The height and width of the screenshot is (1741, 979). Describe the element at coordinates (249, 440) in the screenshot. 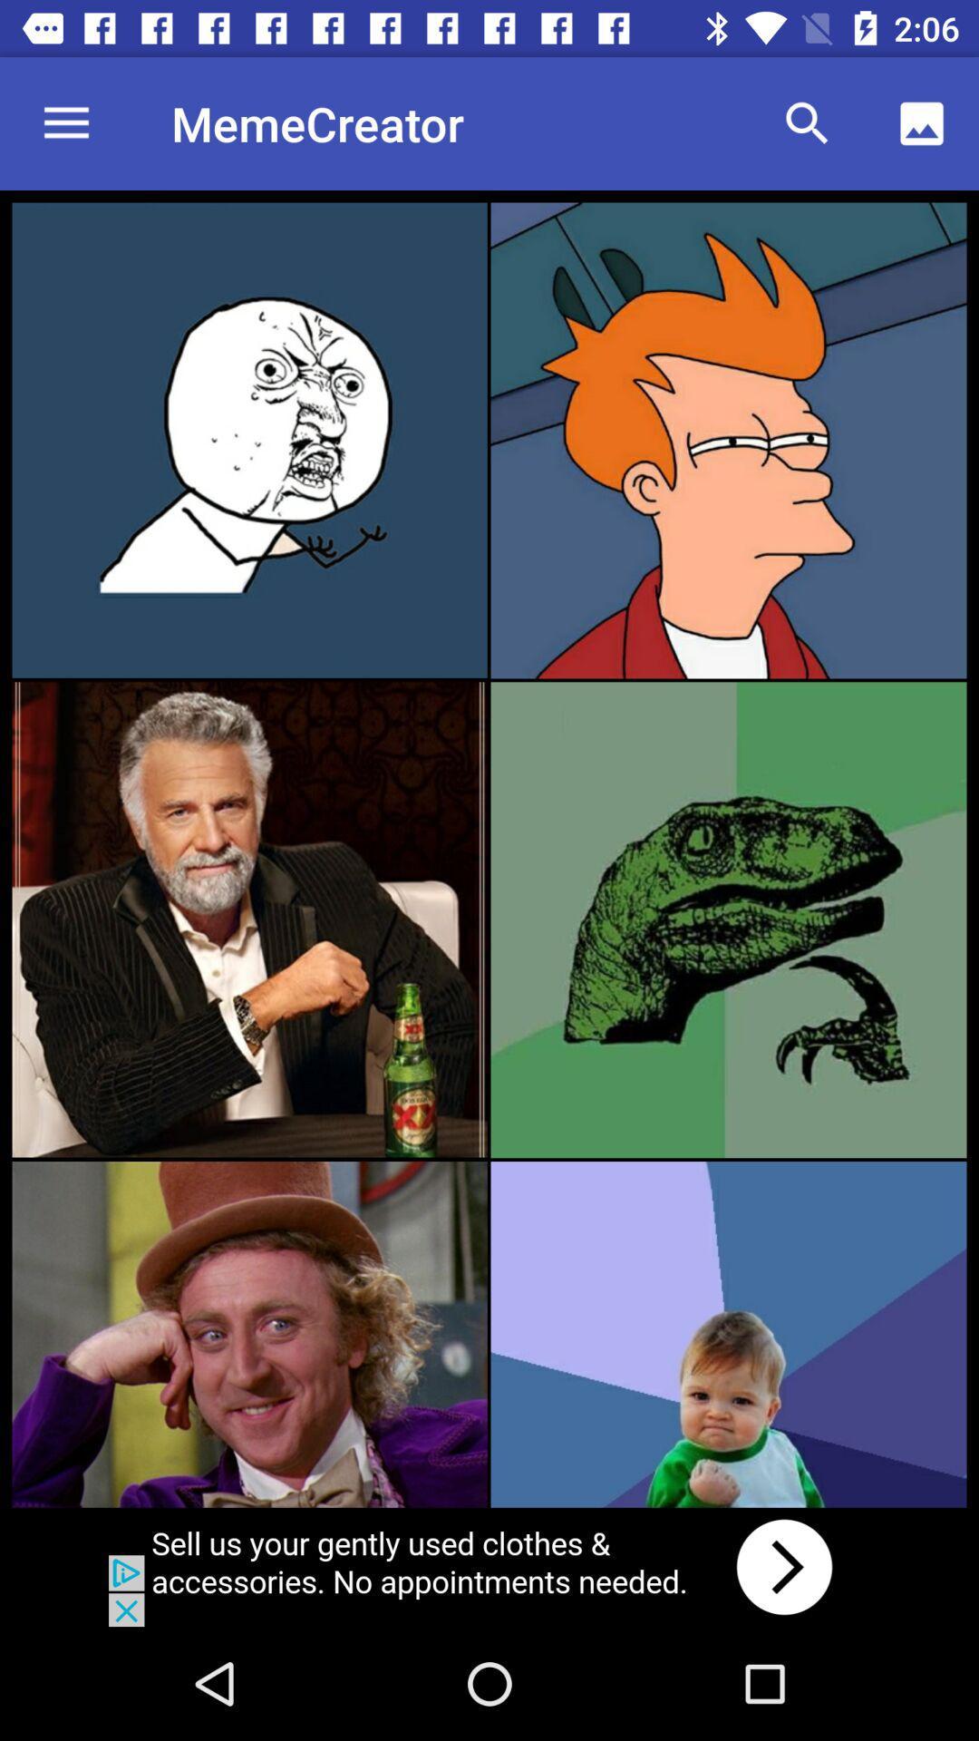

I see `image` at that location.